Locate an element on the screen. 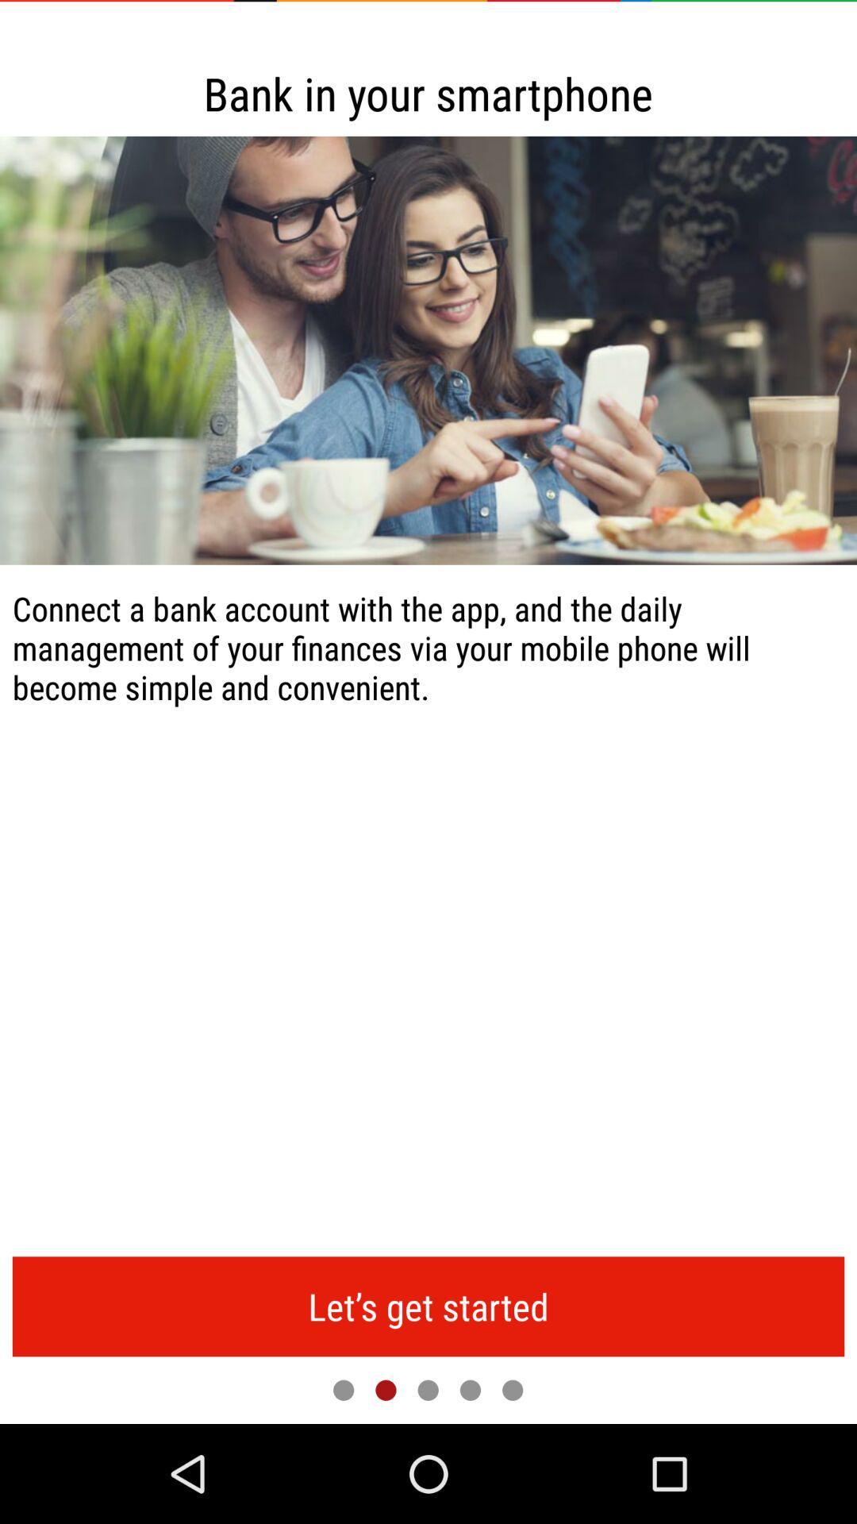 This screenshot has height=1524, width=857. the item below let s get icon is located at coordinates (343, 1389).